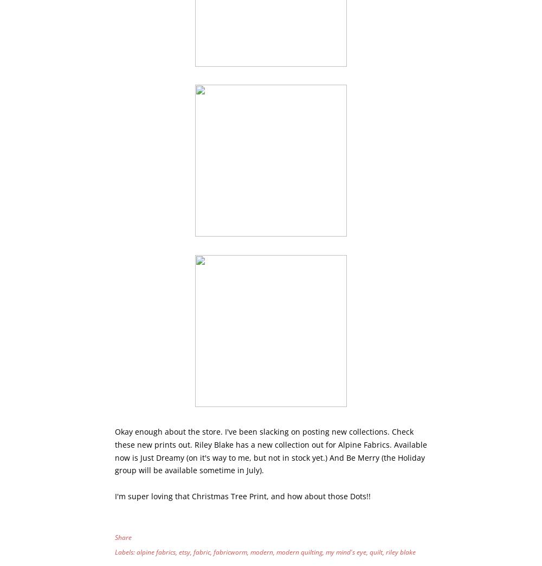 The height and width of the screenshot is (566, 542). Describe the element at coordinates (201, 552) in the screenshot. I see `'fabric'` at that location.